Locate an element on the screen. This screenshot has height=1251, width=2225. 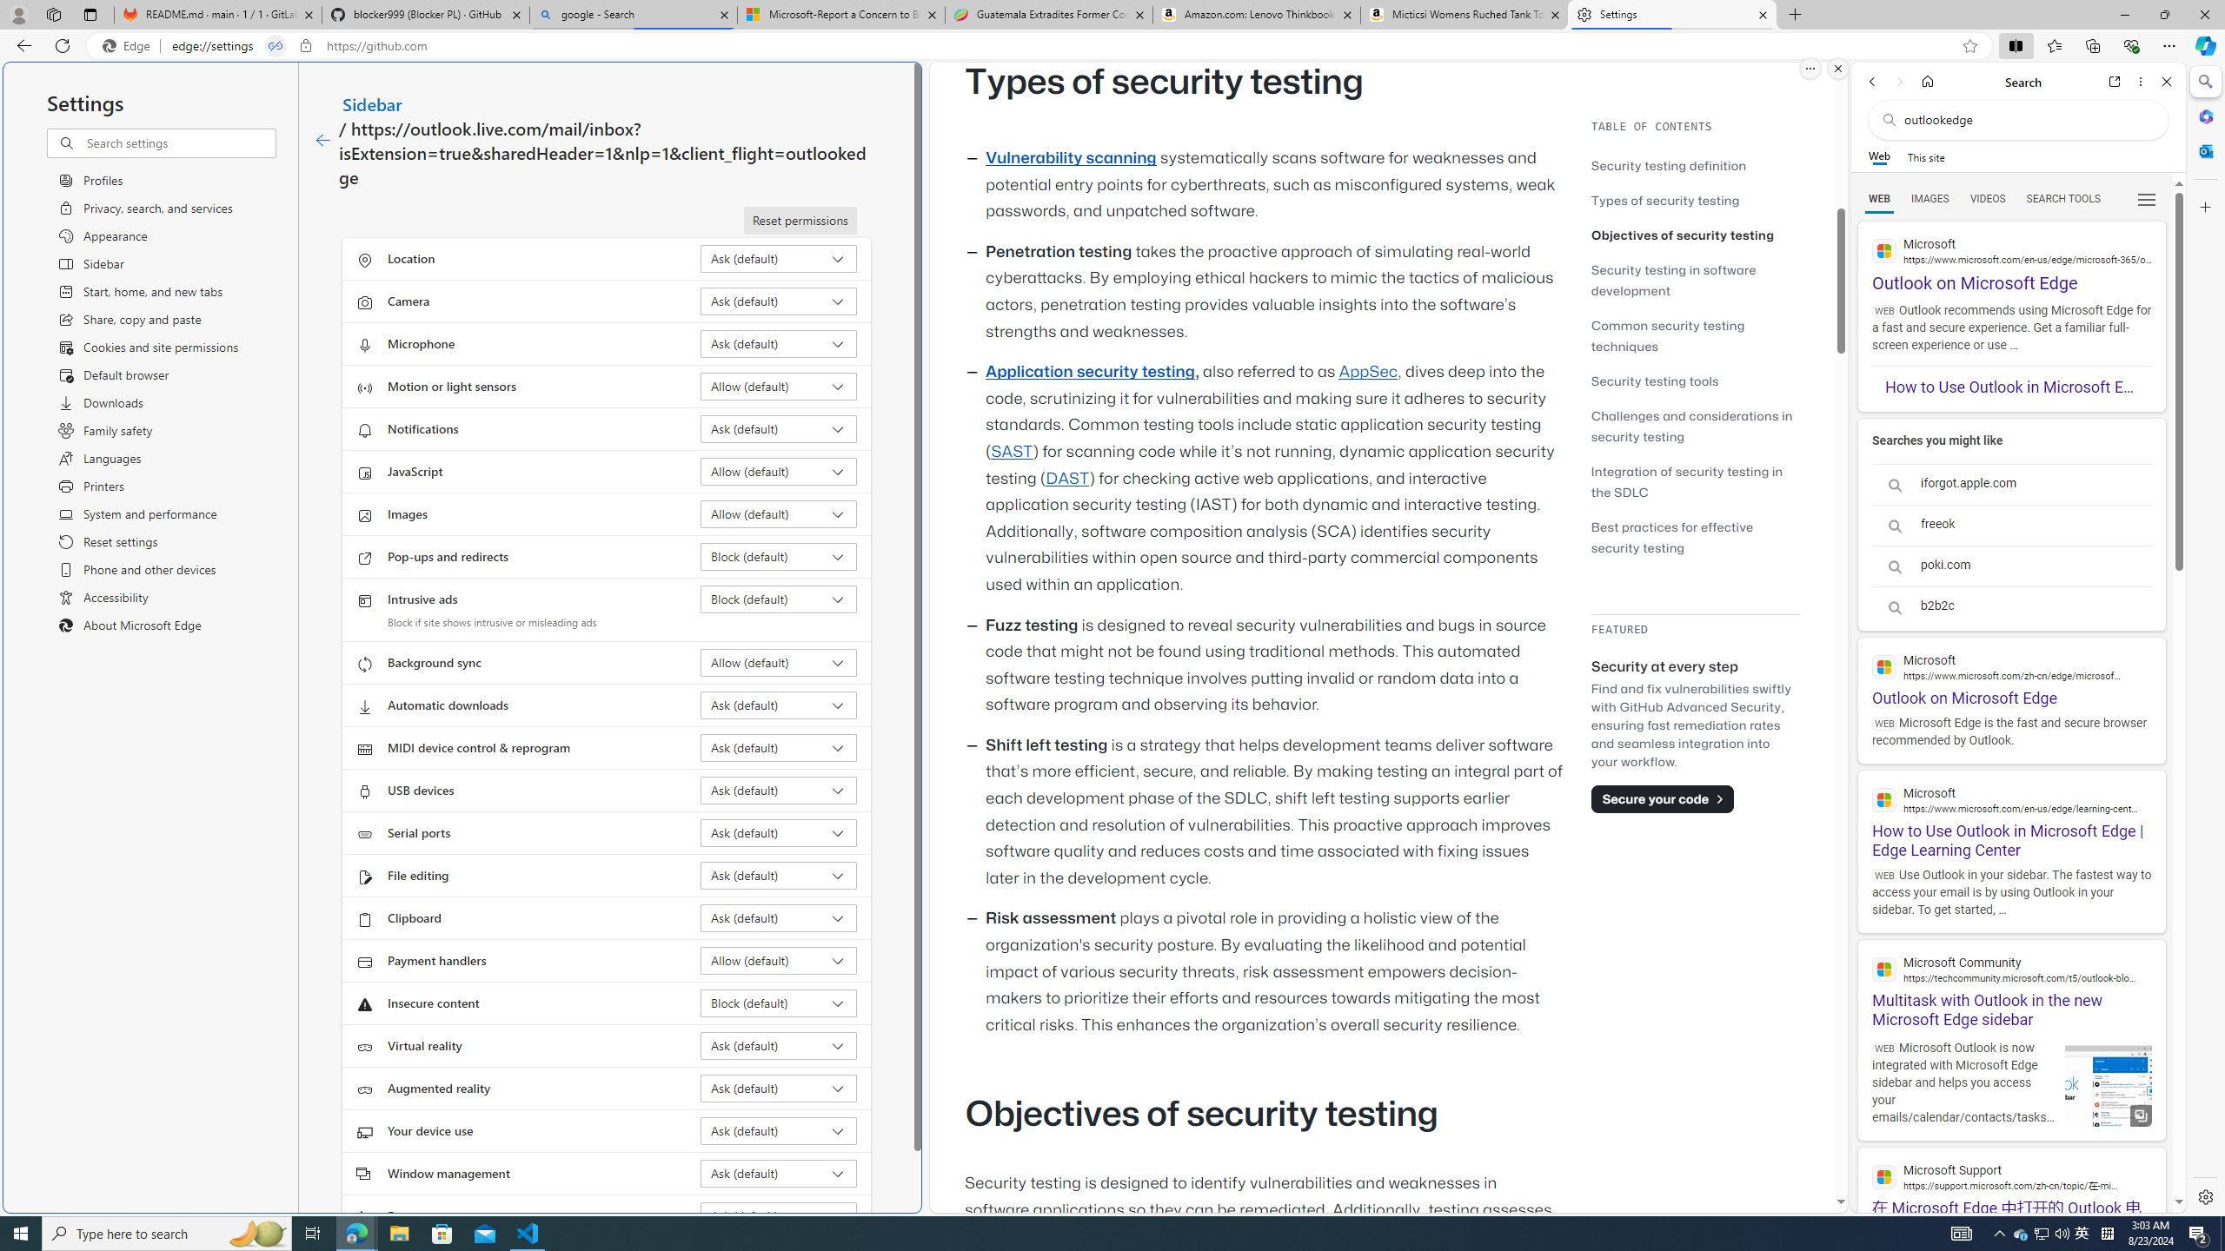
'AppSec' is located at coordinates (1368, 372).